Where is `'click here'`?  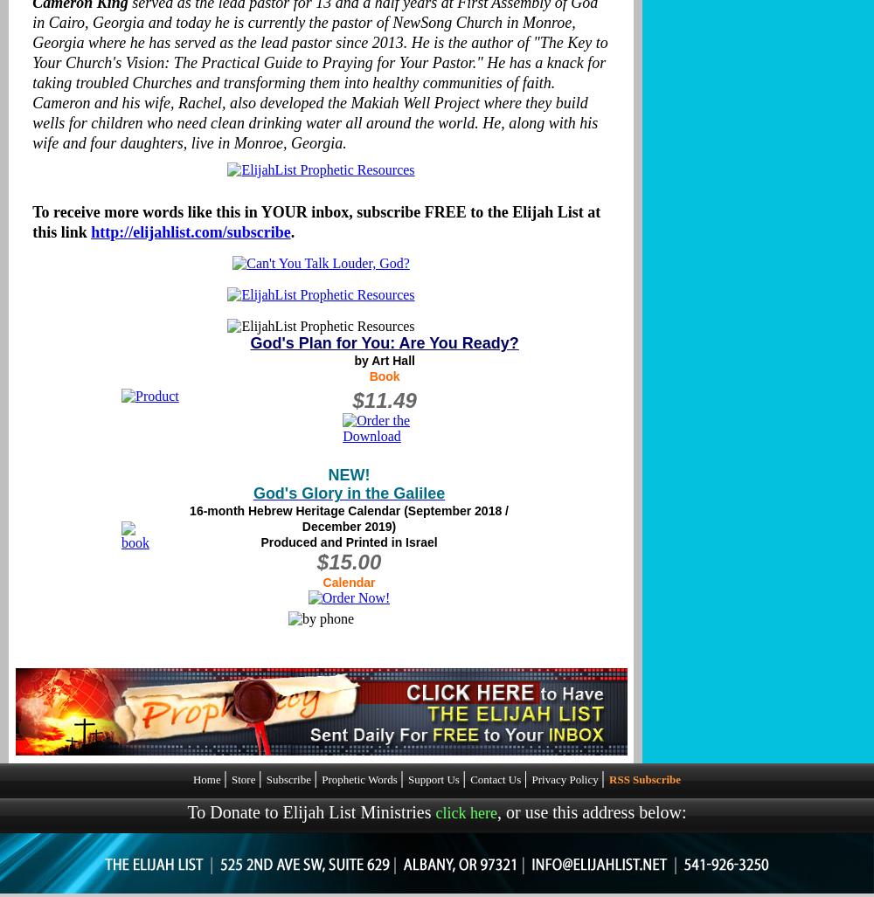
'click here' is located at coordinates (434, 812).